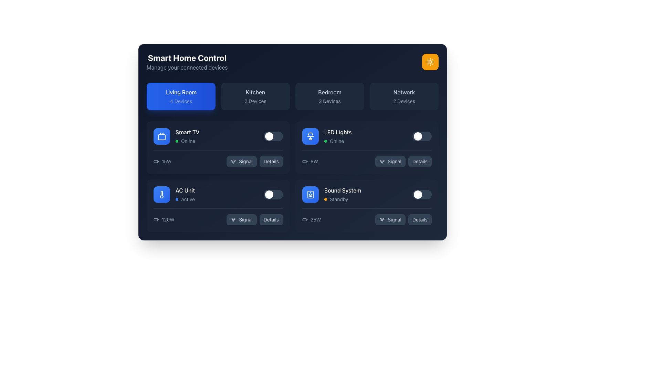  What do you see at coordinates (187, 141) in the screenshot?
I see `the Status indicator showing 'Online' next to a green dot within the 'Smart TV' card` at bounding box center [187, 141].